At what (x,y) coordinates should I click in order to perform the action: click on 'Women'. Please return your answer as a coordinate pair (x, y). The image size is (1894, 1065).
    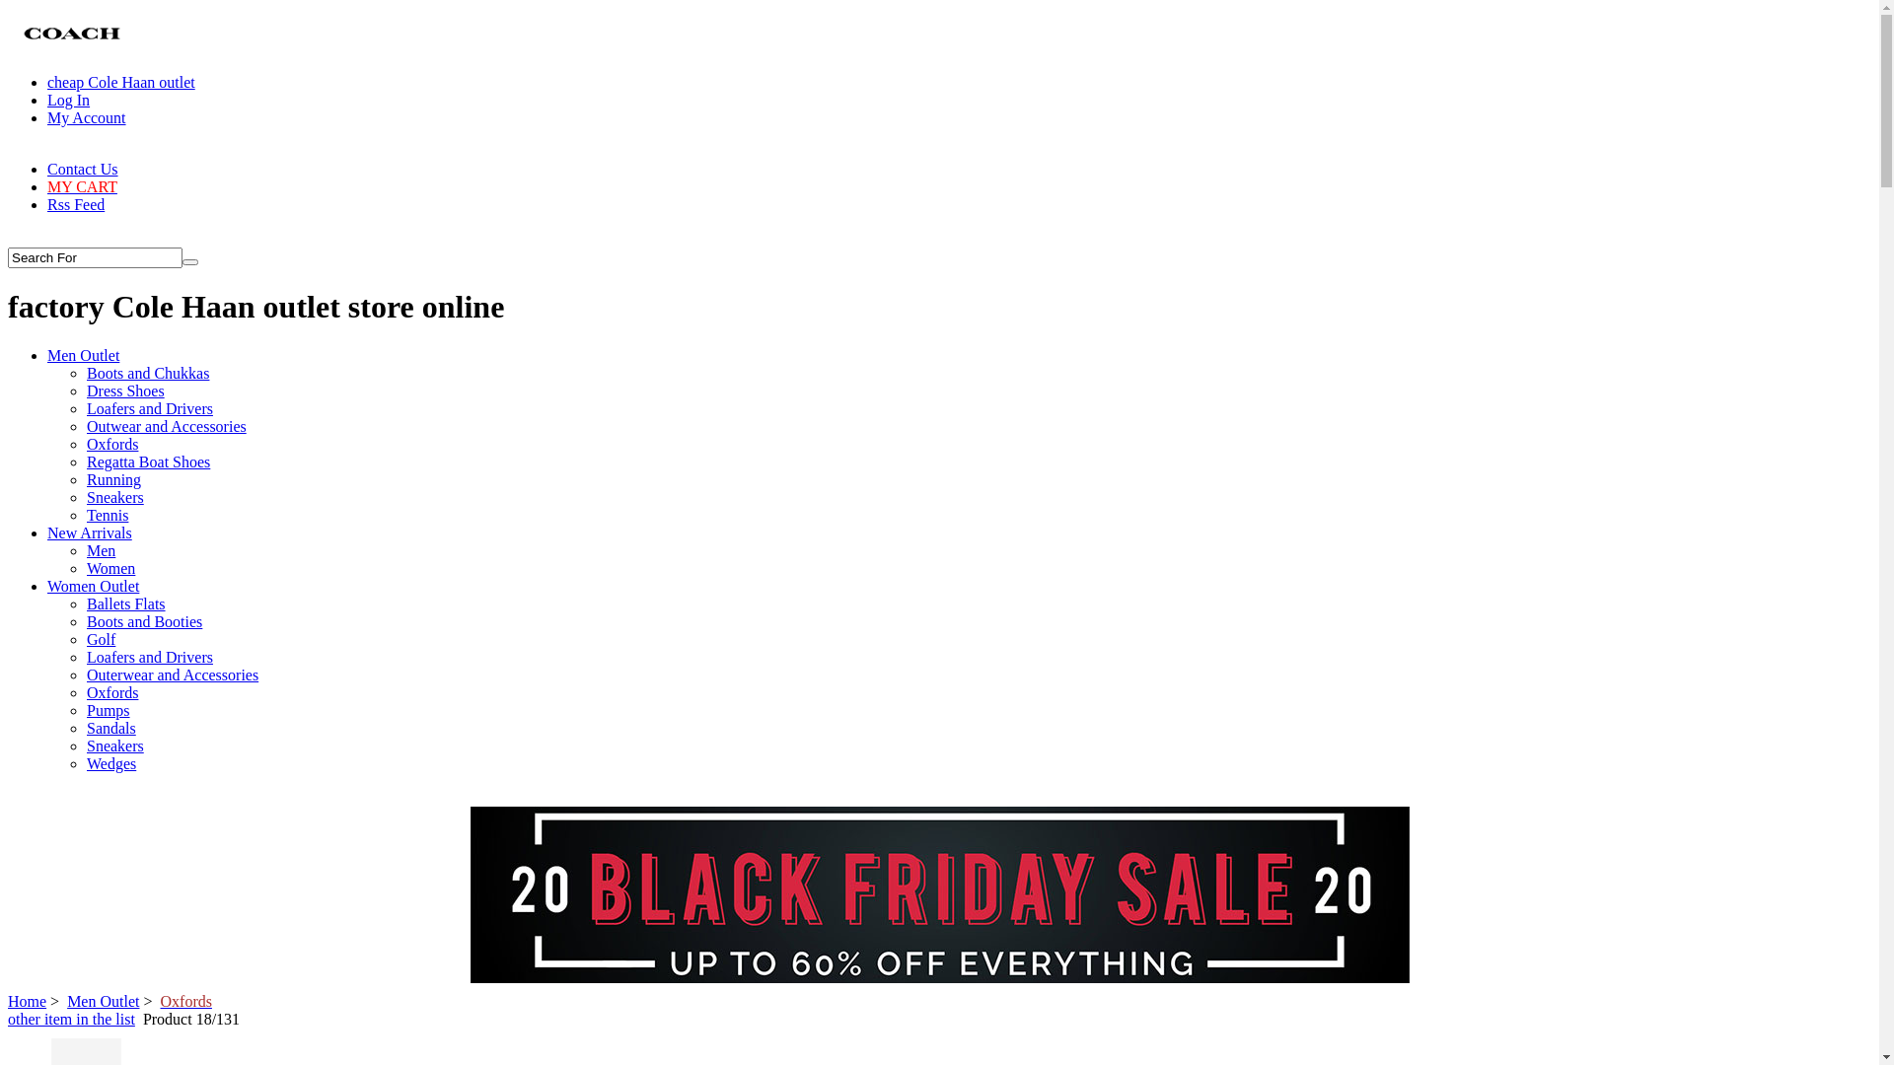
    Looking at the image, I should click on (109, 568).